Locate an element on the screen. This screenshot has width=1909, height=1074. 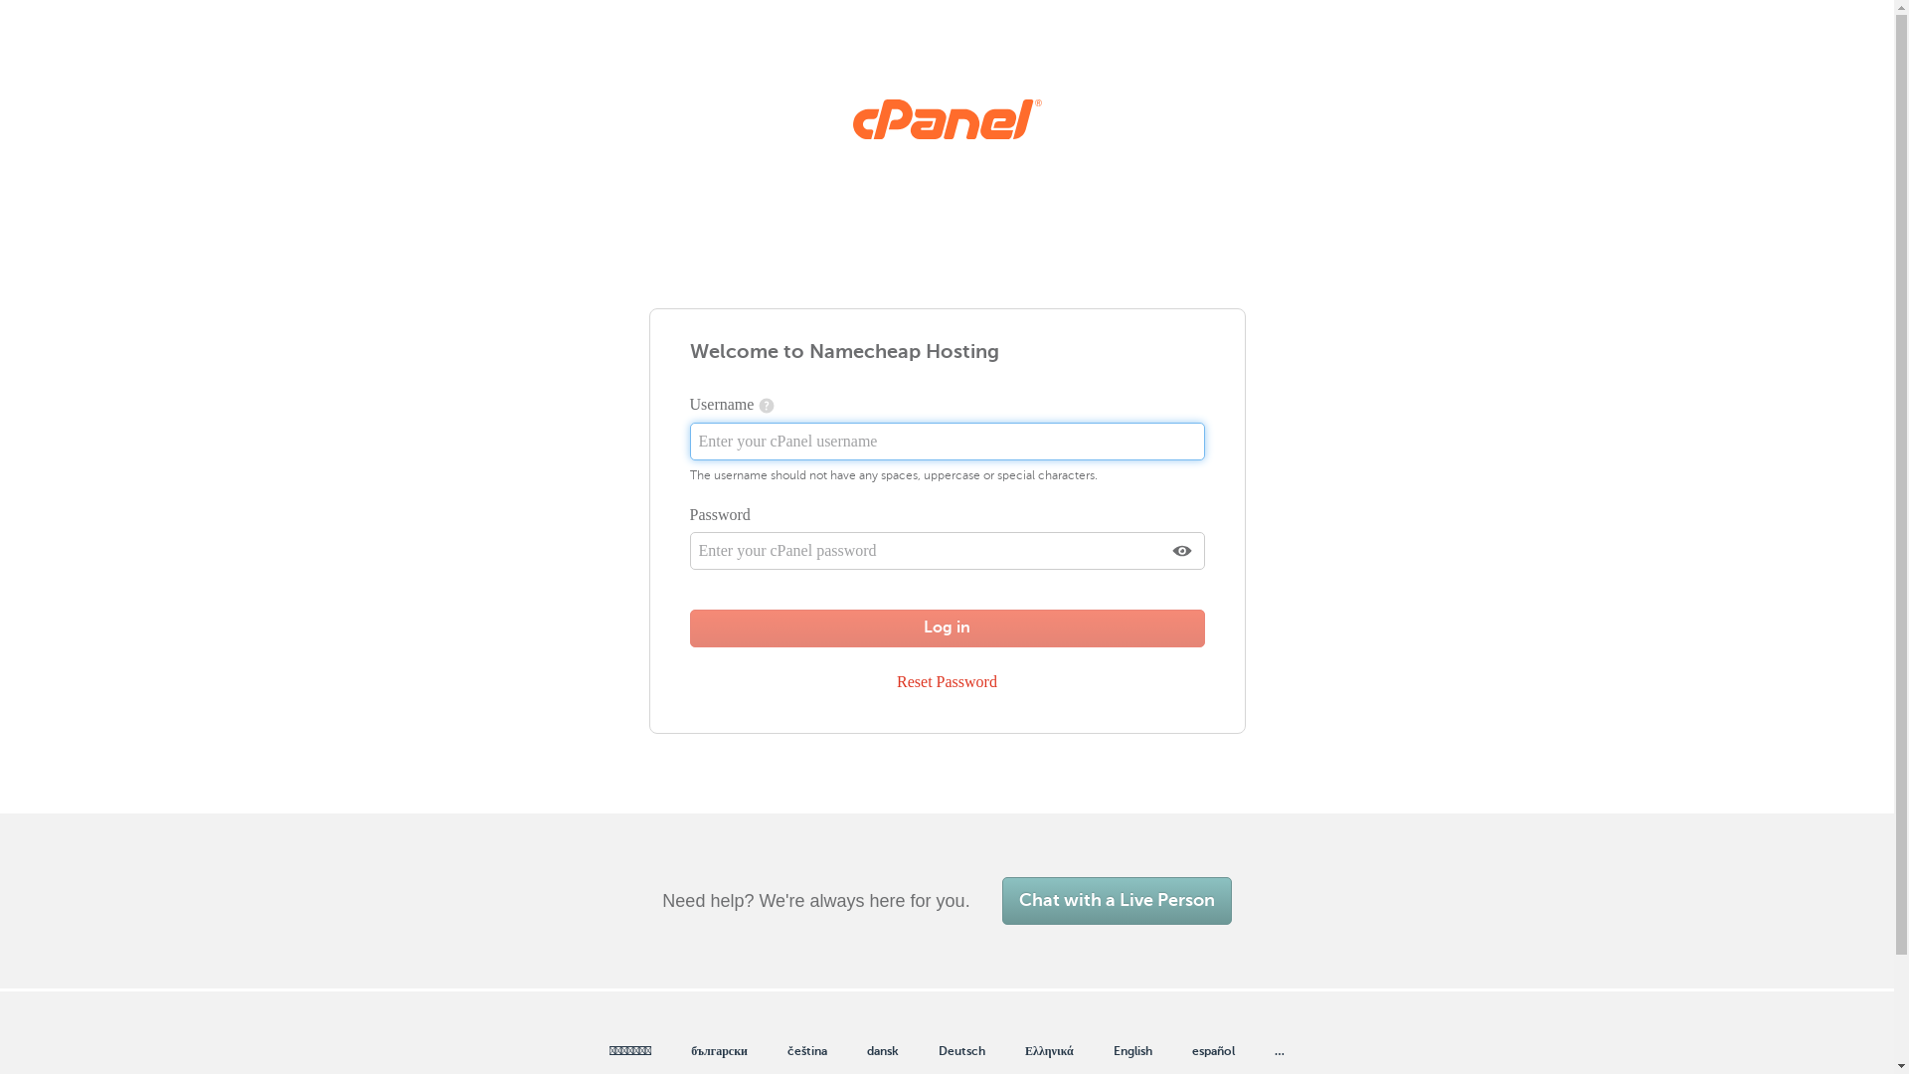
'Reset Password' is located at coordinates (886, 681).